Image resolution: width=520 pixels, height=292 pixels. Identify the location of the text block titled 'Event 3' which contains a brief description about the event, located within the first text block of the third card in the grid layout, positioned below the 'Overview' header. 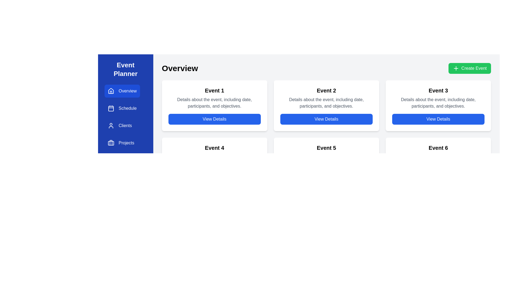
(438, 98).